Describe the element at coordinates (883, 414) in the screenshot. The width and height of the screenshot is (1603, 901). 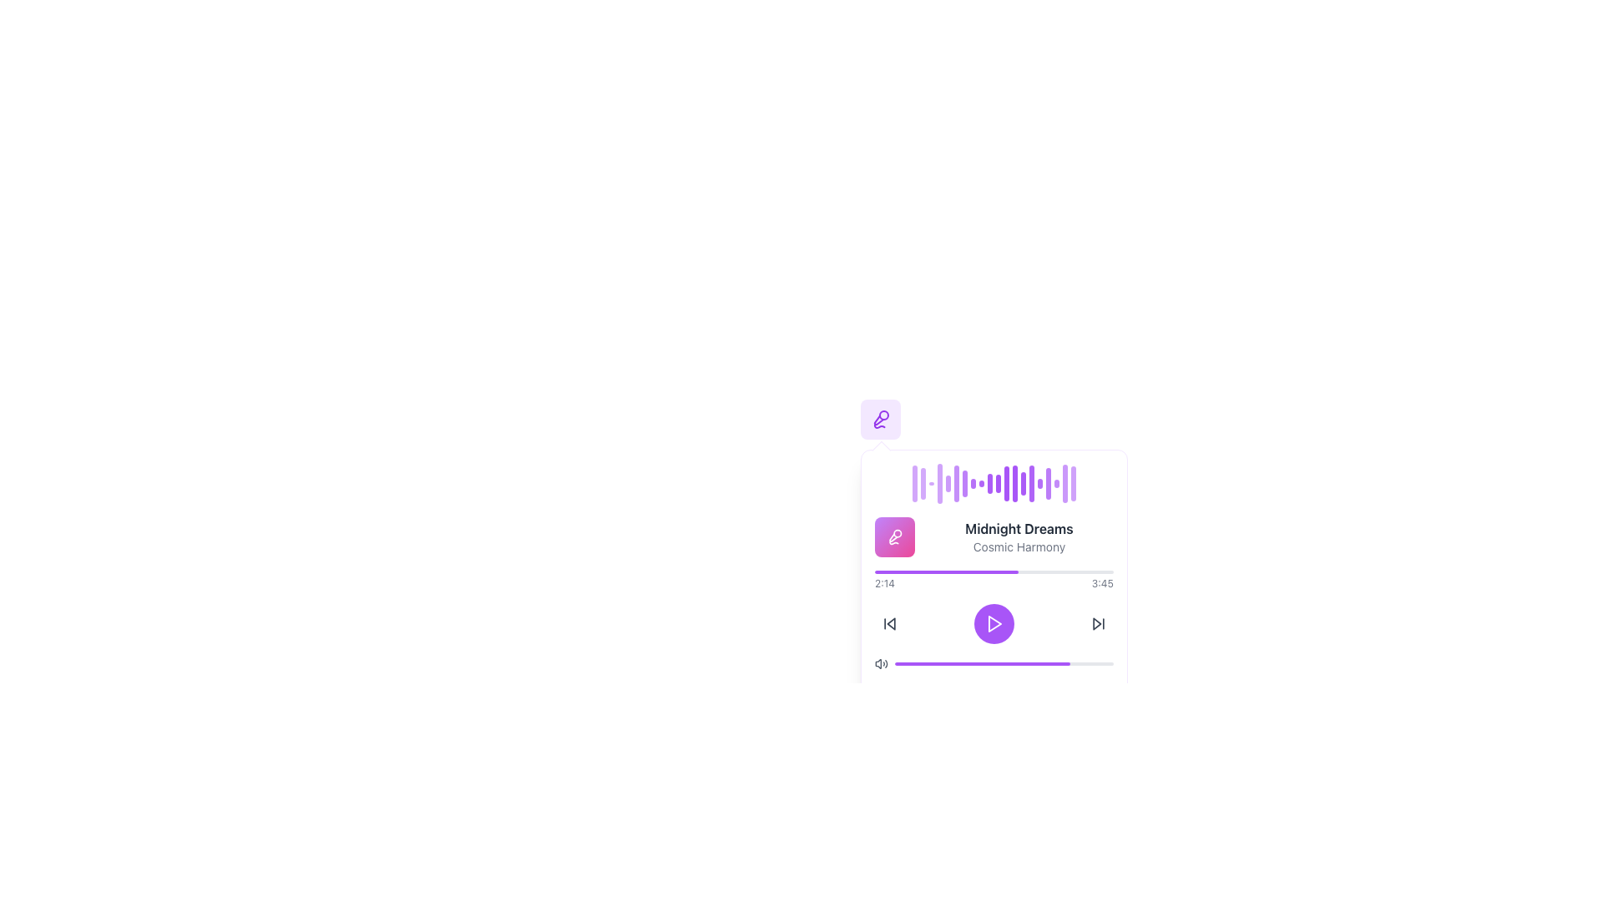
I see `the smallest circular component of the microphone icon, which is located in the upper portion of the icon with a purple hue` at that location.